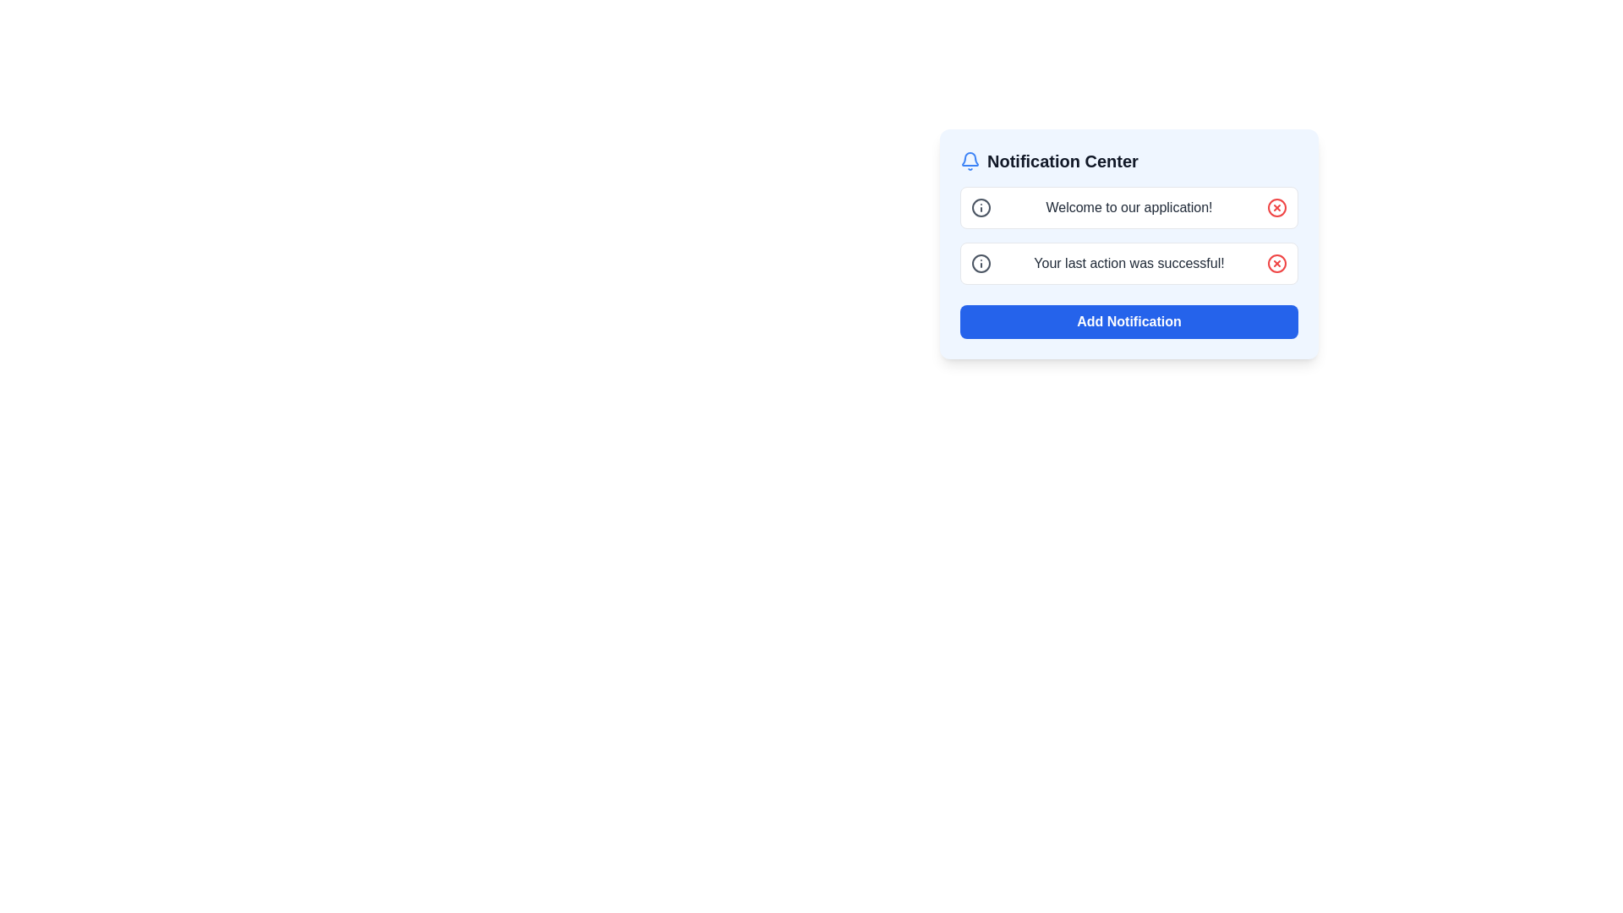 This screenshot has height=913, width=1623. Describe the element at coordinates (1062, 161) in the screenshot. I see `the 'Notification Center' label which is a bold, gray text label located in the header section of the notification panel, positioned to the right of a bell icon` at that location.